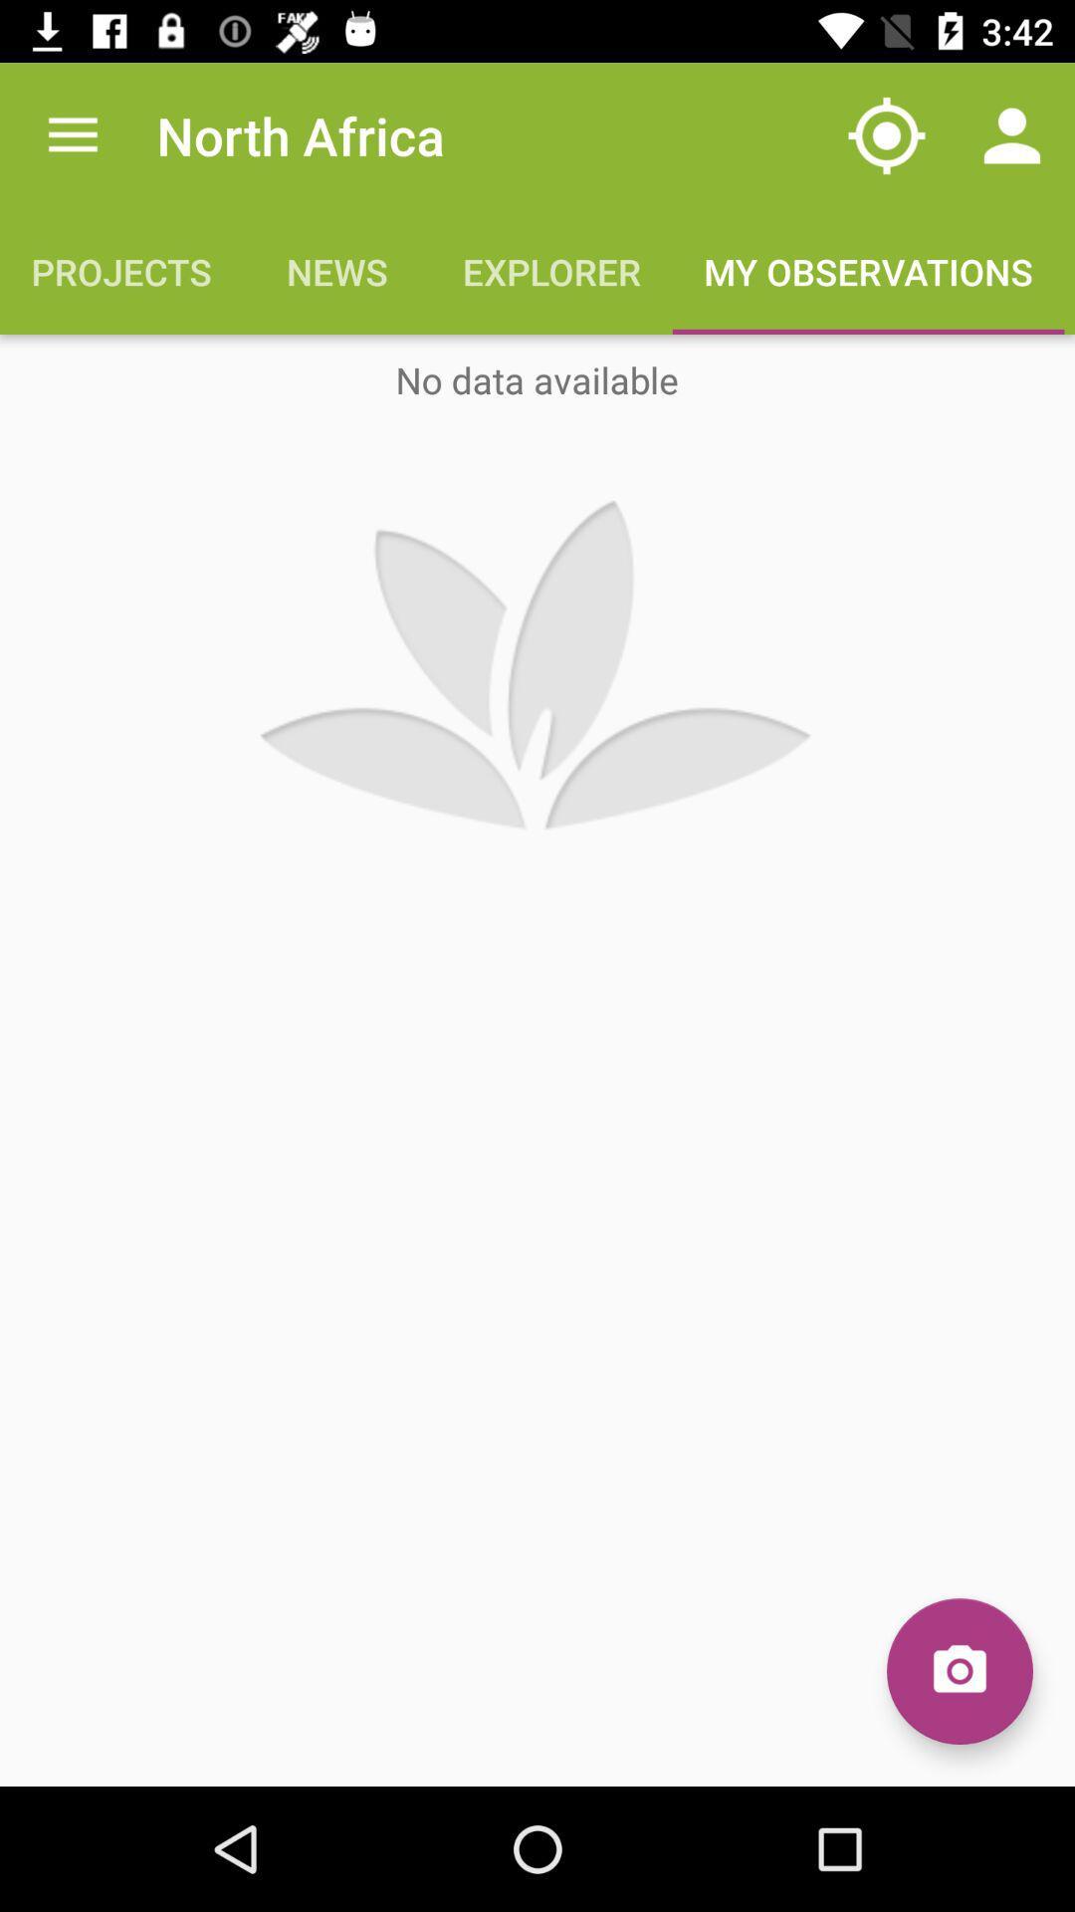  What do you see at coordinates (1012, 134) in the screenshot?
I see `item above the my observations icon` at bounding box center [1012, 134].